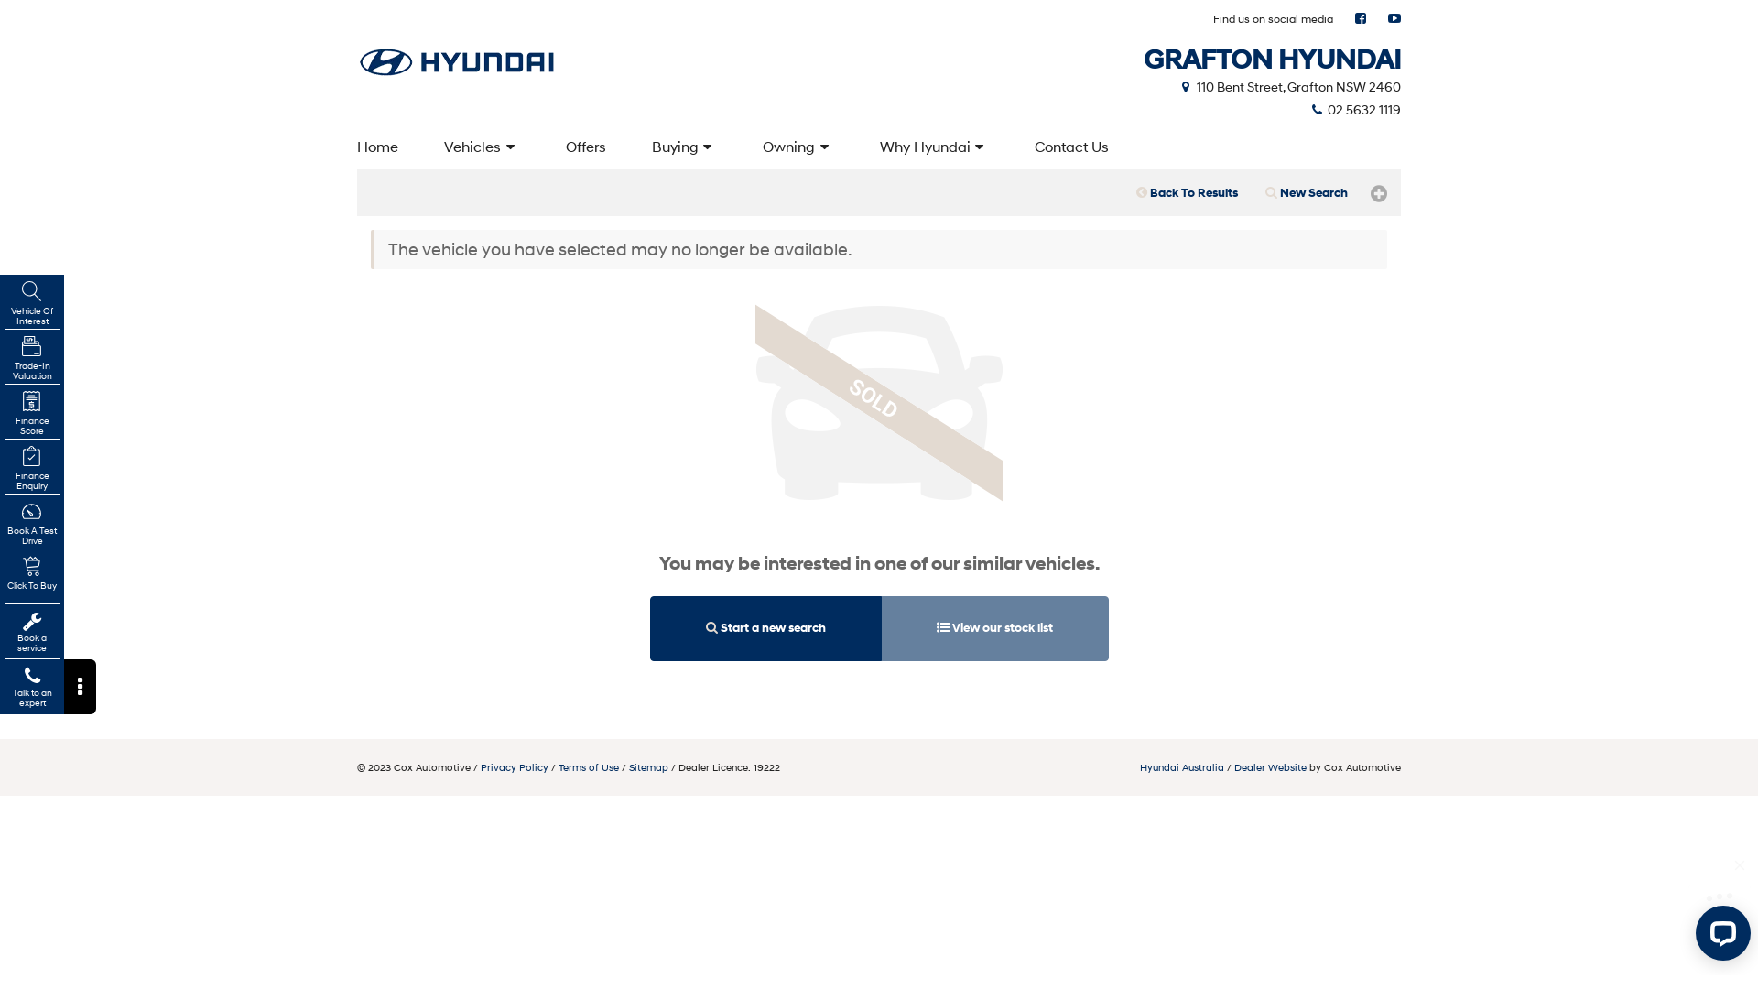  What do you see at coordinates (856, 145) in the screenshot?
I see `'Why Hyundai'` at bounding box center [856, 145].